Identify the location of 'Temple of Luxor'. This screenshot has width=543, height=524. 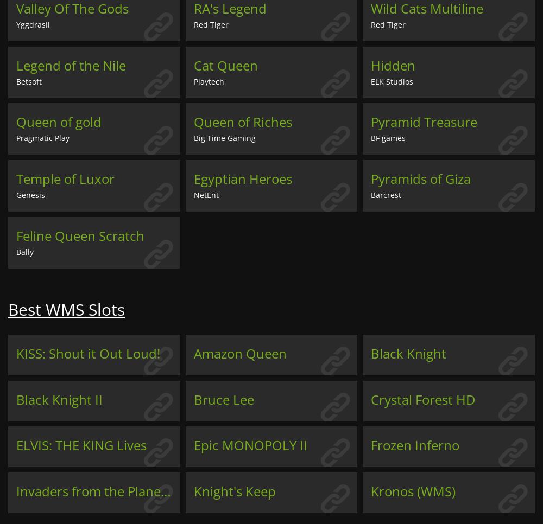
(65, 178).